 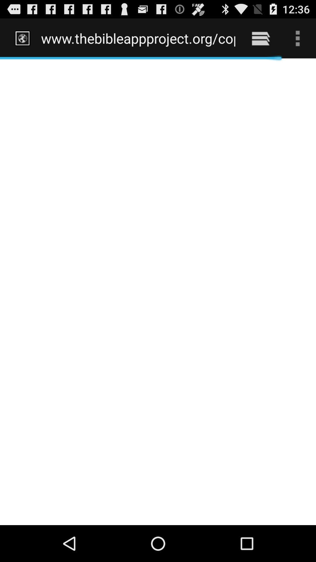 I want to click on the item next to the www thebibleappproject org icon, so click(x=260, y=38).